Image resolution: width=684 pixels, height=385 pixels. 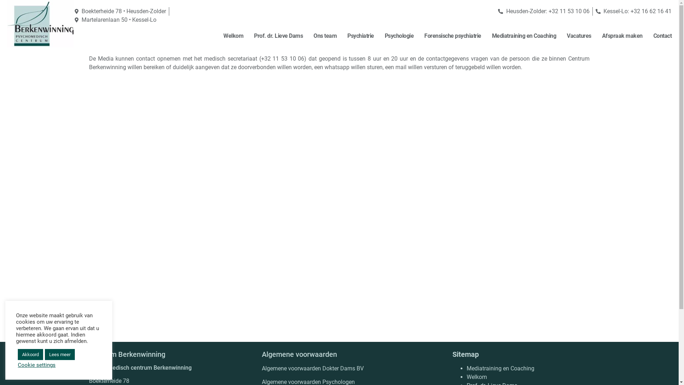 I want to click on 'Contact', so click(x=662, y=36).